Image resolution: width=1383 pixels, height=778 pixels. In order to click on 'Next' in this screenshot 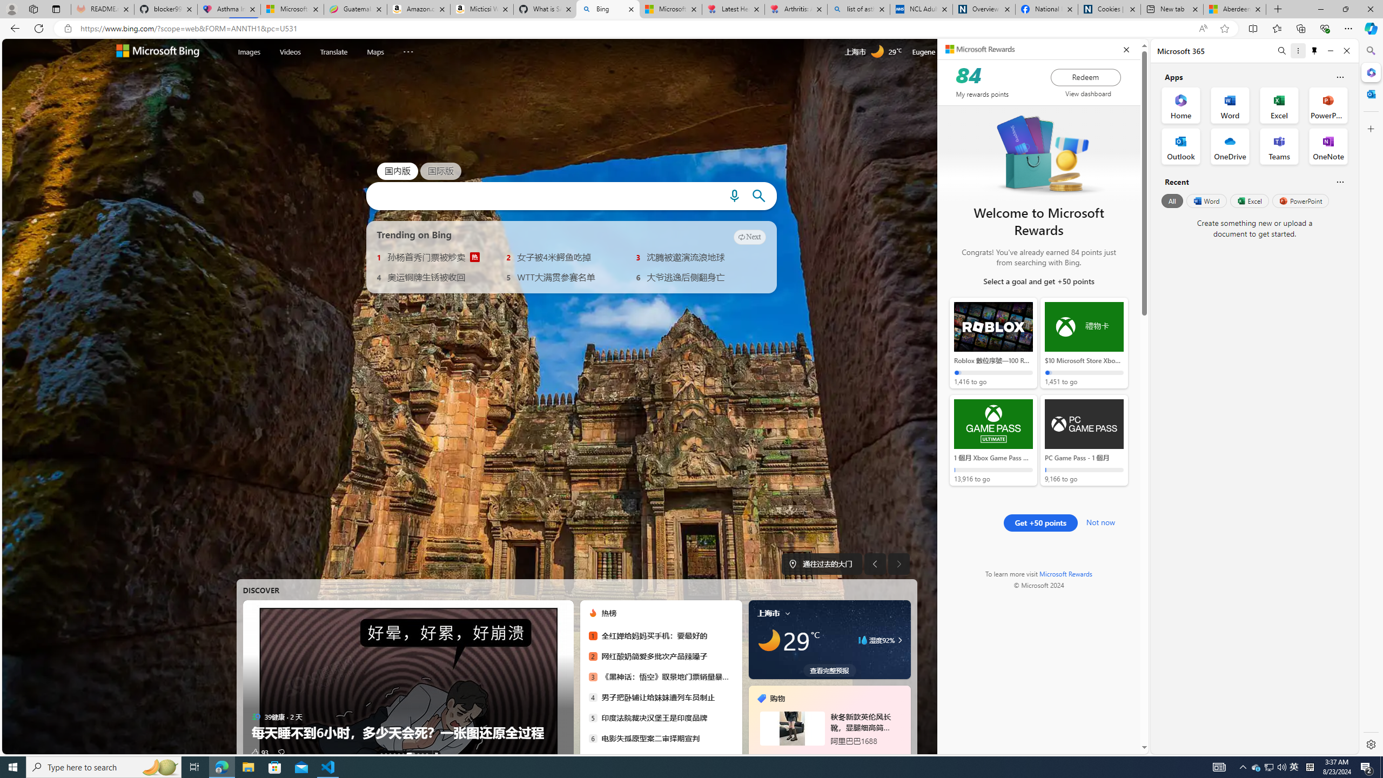, I will do `click(749, 236)`.